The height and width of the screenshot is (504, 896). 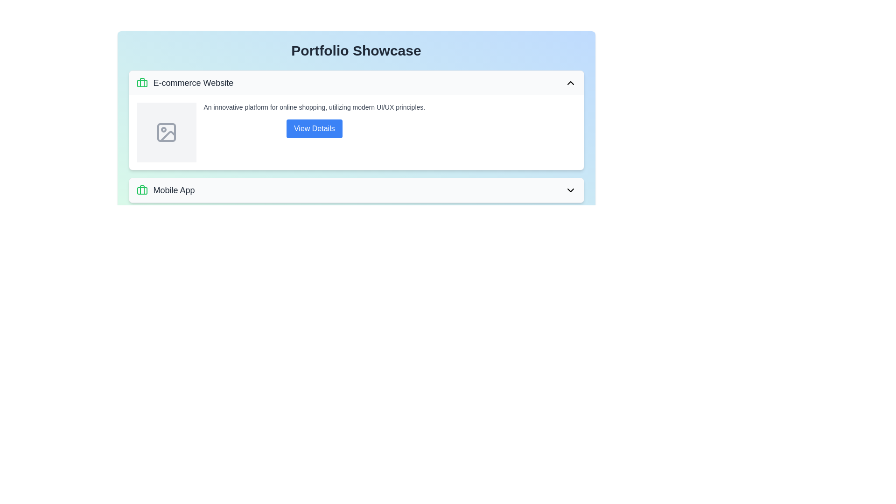 I want to click on the collapsible list item titled 'Mobile App' located in the 'Portfolio Showcase' section, so click(x=356, y=190).